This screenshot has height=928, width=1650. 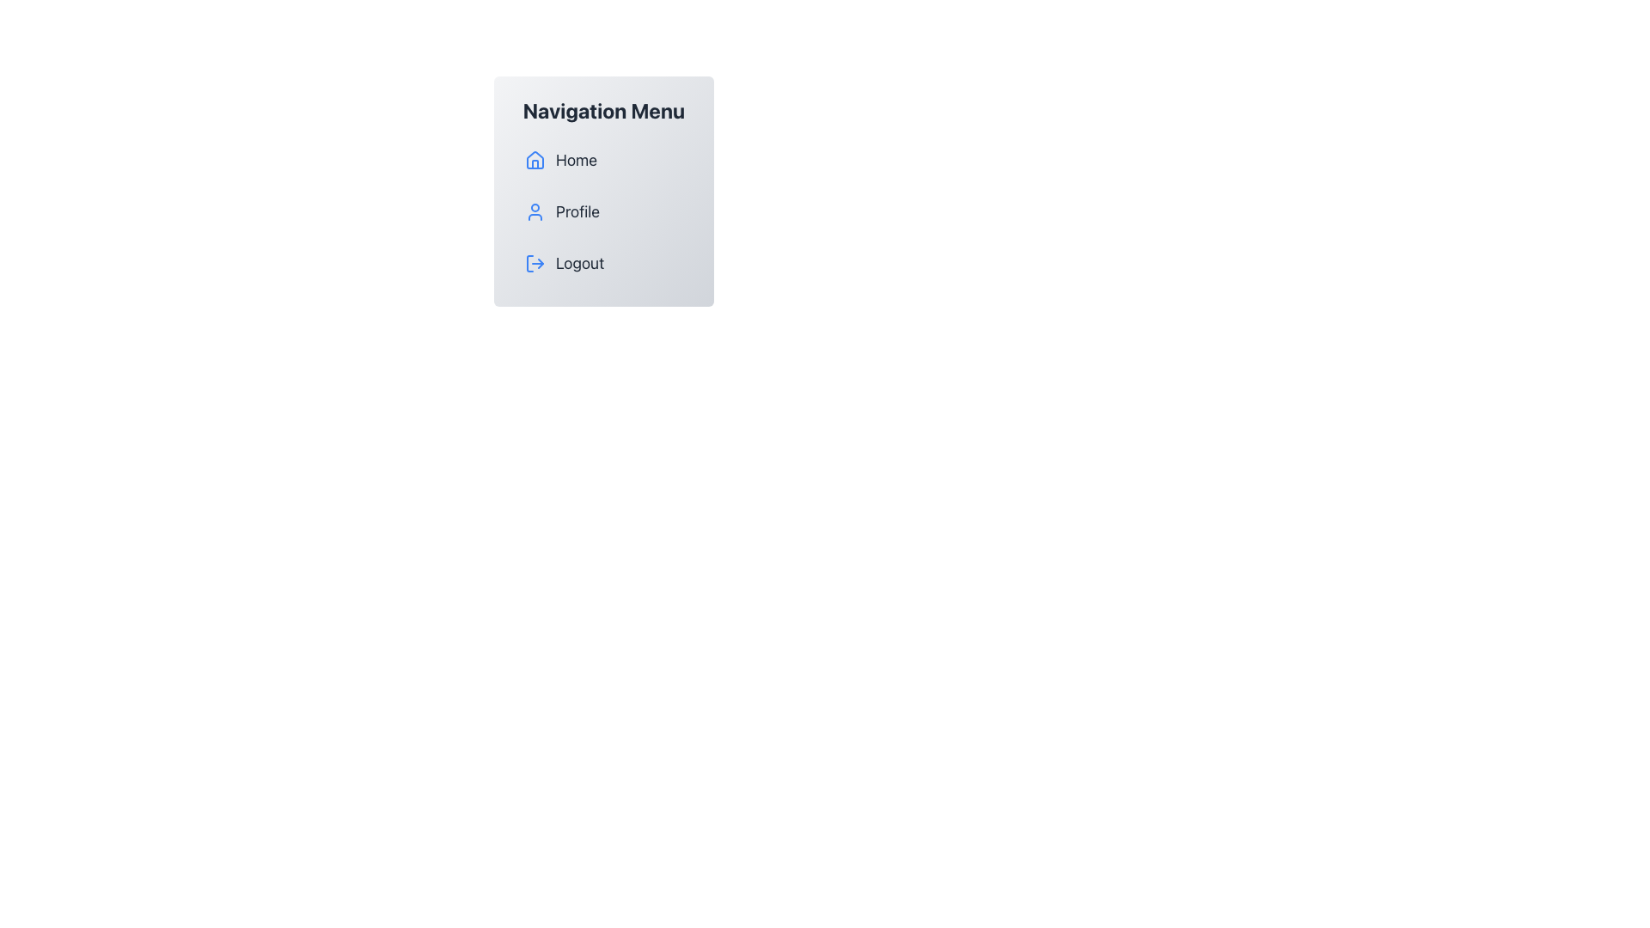 I want to click on the blue-colored icon resembling a rightward arrow, which is located to the left of the 'Logout' text in the navigation menu, to interact with the logout option, so click(x=535, y=264).